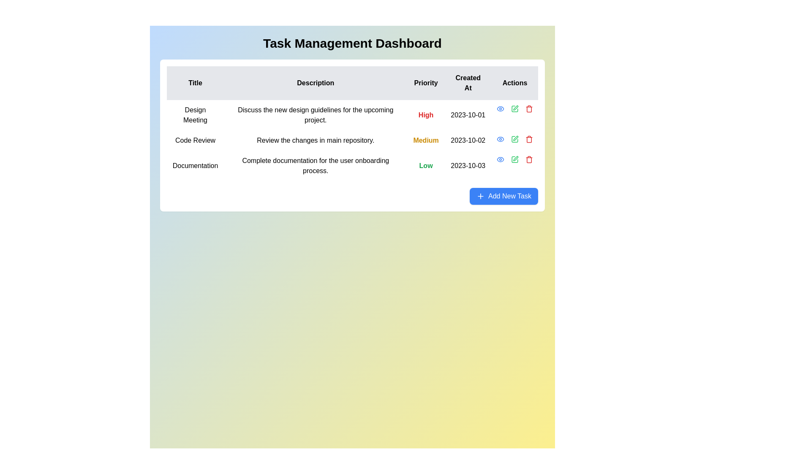 This screenshot has width=811, height=456. What do you see at coordinates (480, 196) in the screenshot?
I see `the small blue plus icon within the 'Add New Task' button located at the bottom right corner of the task management section` at bounding box center [480, 196].